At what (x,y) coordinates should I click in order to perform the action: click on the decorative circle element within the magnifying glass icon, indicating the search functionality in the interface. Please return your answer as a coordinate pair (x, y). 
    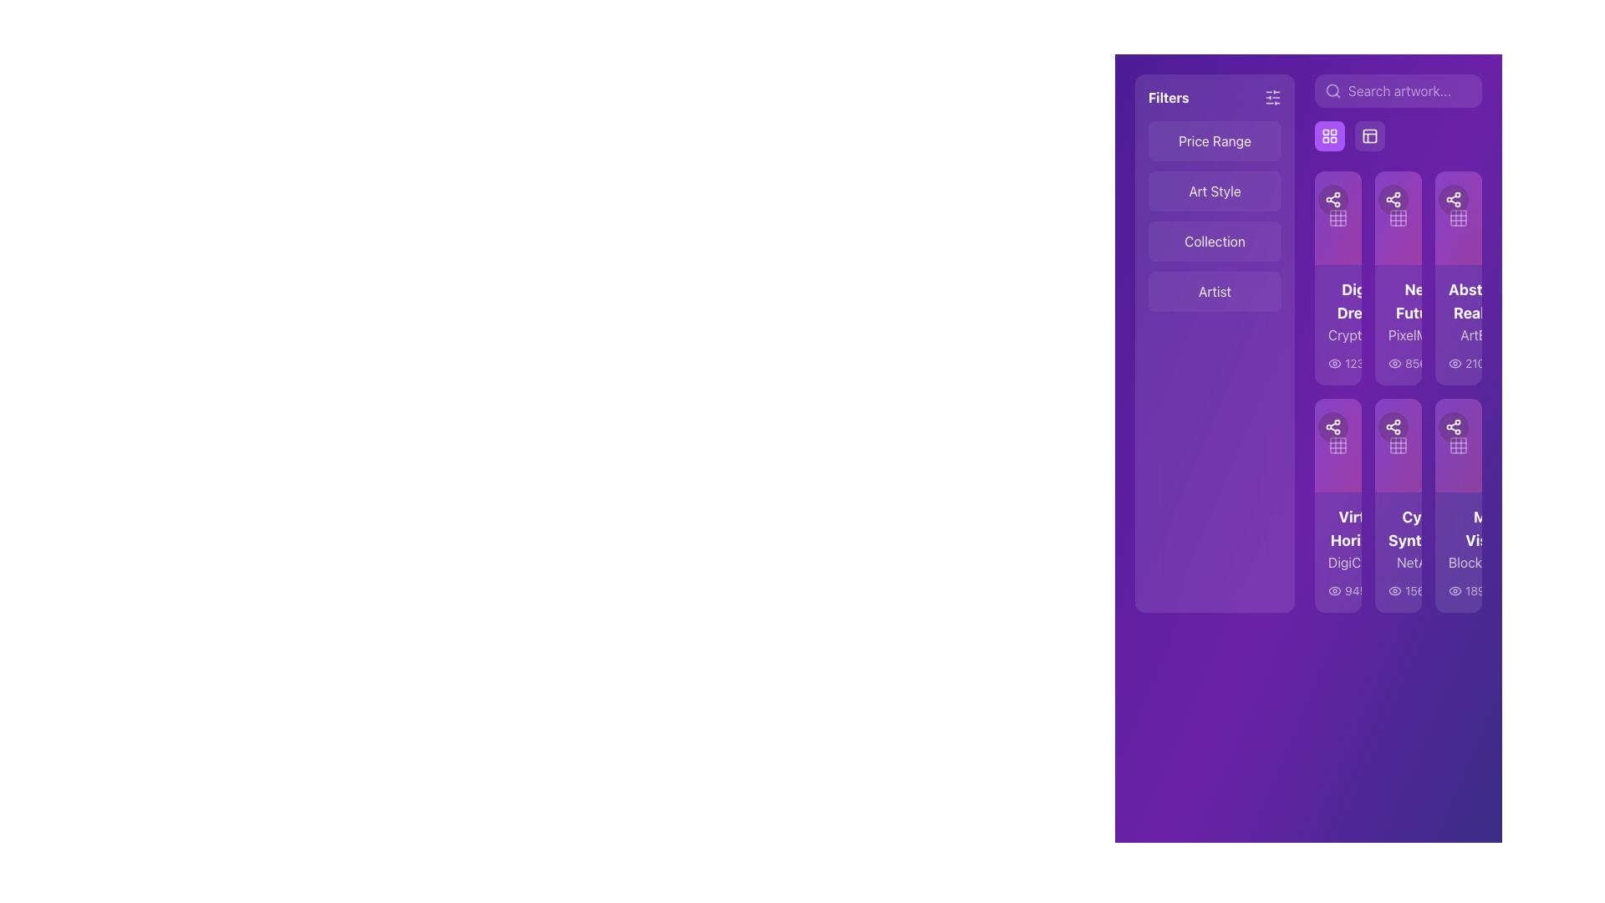
    Looking at the image, I should click on (1332, 90).